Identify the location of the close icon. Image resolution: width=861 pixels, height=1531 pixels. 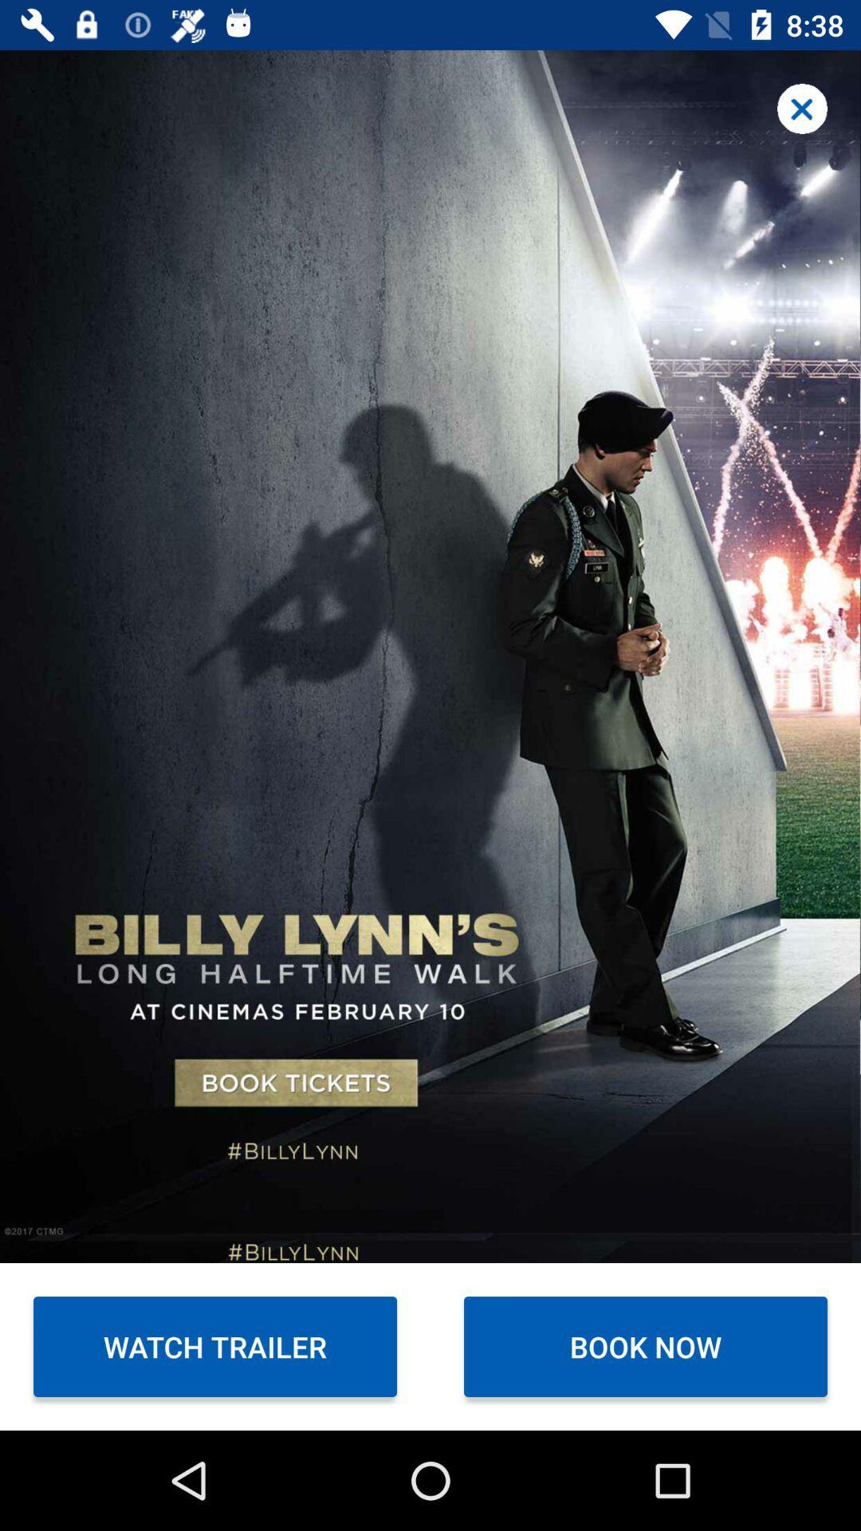
(802, 108).